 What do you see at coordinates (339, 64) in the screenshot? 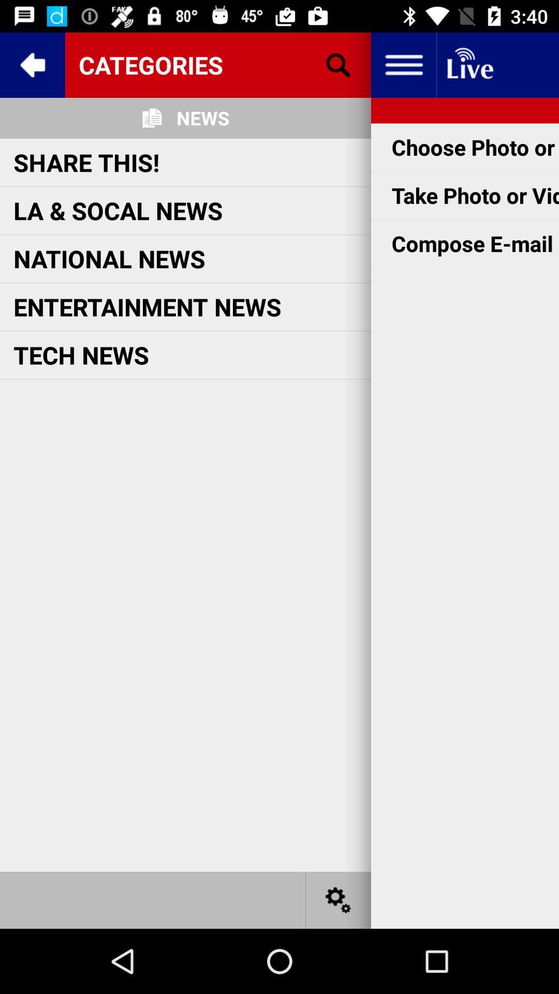
I see `opens the search box` at bounding box center [339, 64].